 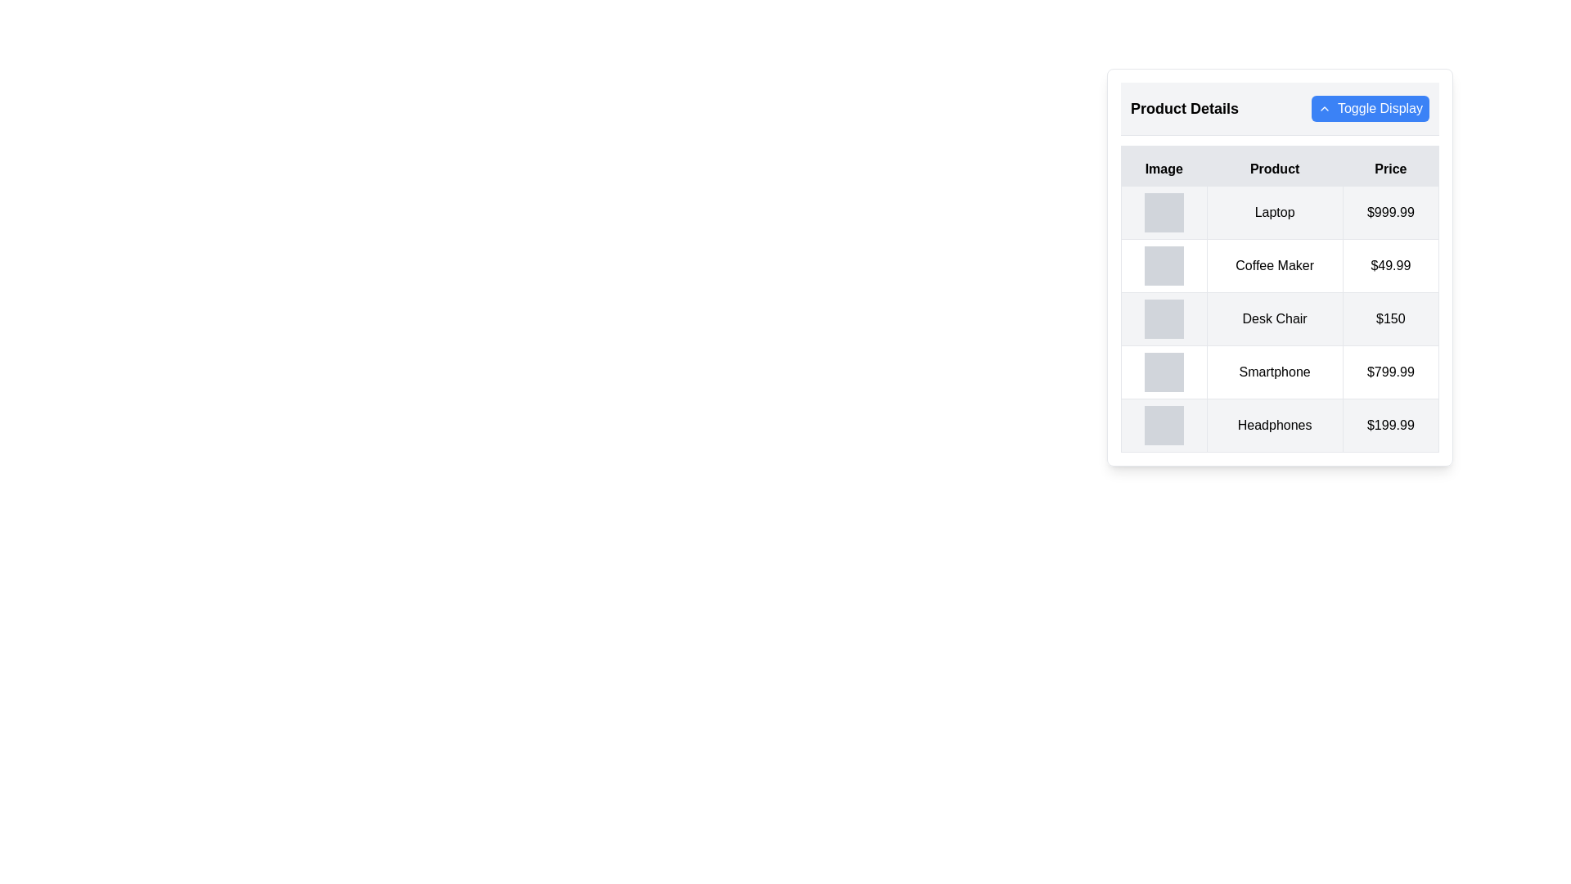 What do you see at coordinates (1389, 318) in the screenshot?
I see `text displayed in the price label for the product 'Desk Chair', located in the third row and third column of the 'Product Details' table` at bounding box center [1389, 318].